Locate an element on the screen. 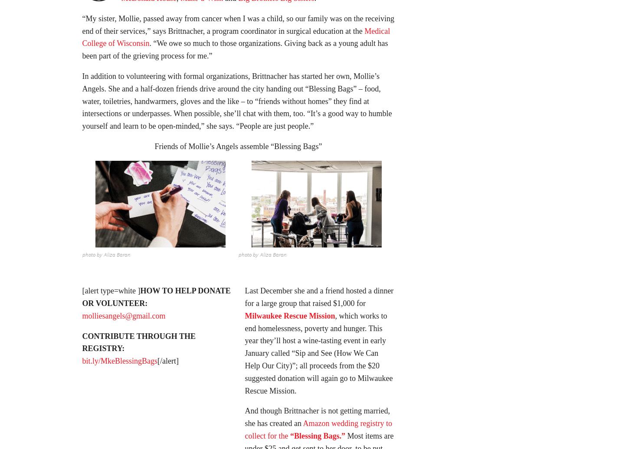  'Amazon wedding registry to collect for the' is located at coordinates (318, 432).